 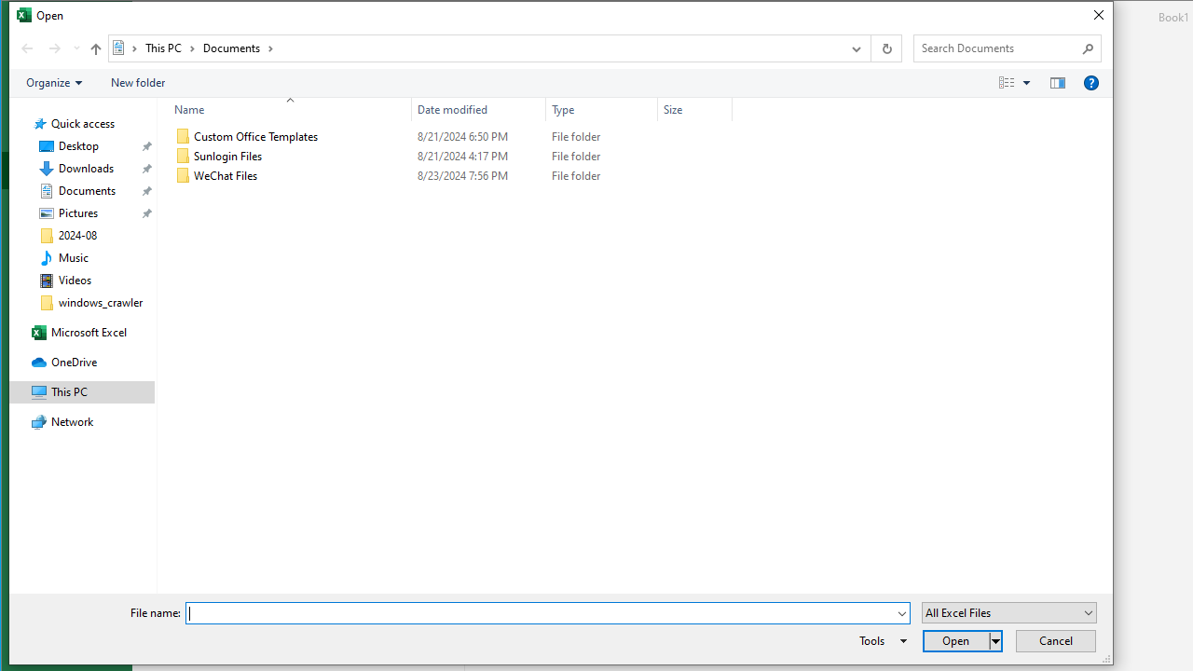 I want to click on 'Class: UIImage', so click(x=184, y=176).